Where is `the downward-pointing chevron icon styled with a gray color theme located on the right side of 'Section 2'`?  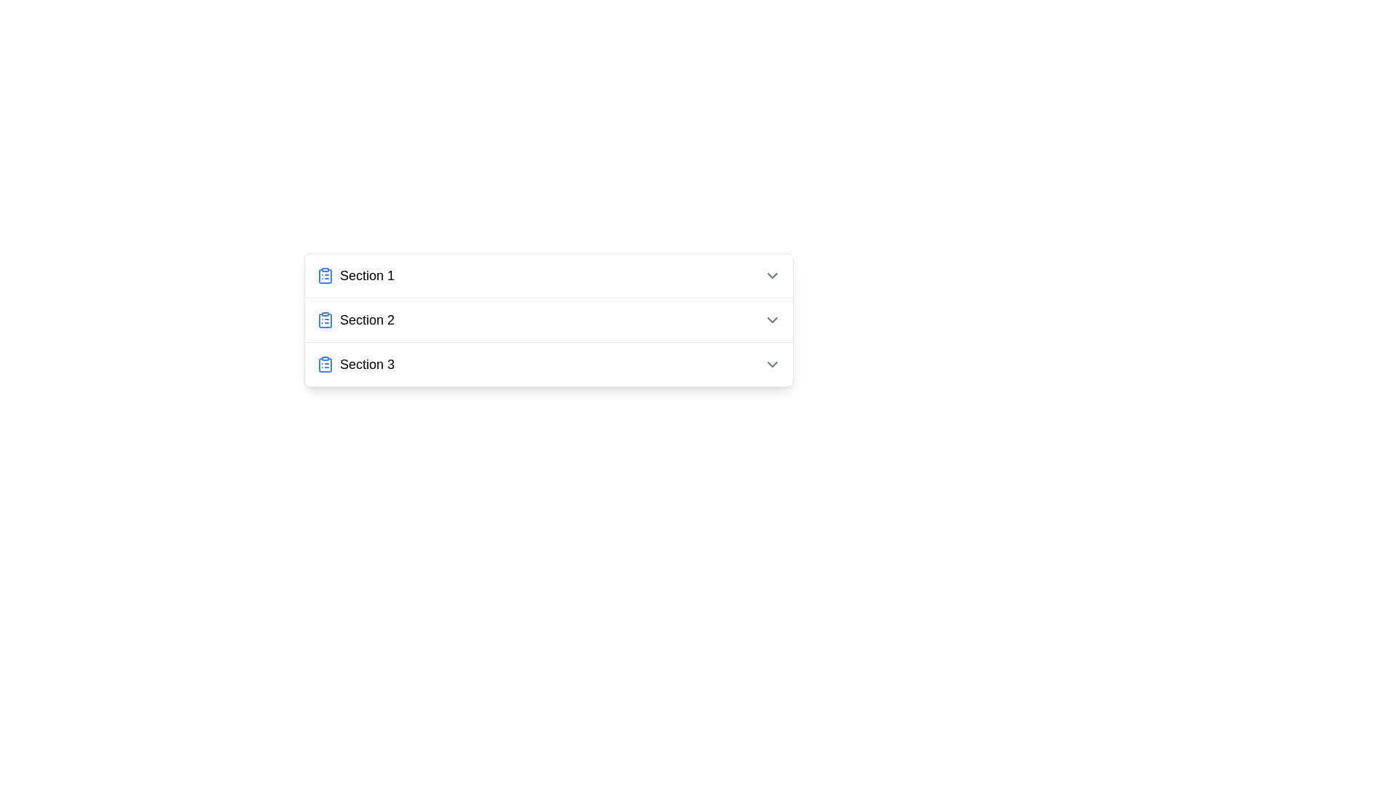 the downward-pointing chevron icon styled with a gray color theme located on the right side of 'Section 2' is located at coordinates (771, 319).